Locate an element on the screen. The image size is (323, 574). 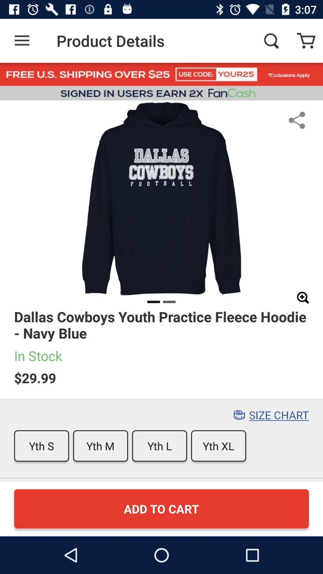
item next to yth s is located at coordinates (100, 446).